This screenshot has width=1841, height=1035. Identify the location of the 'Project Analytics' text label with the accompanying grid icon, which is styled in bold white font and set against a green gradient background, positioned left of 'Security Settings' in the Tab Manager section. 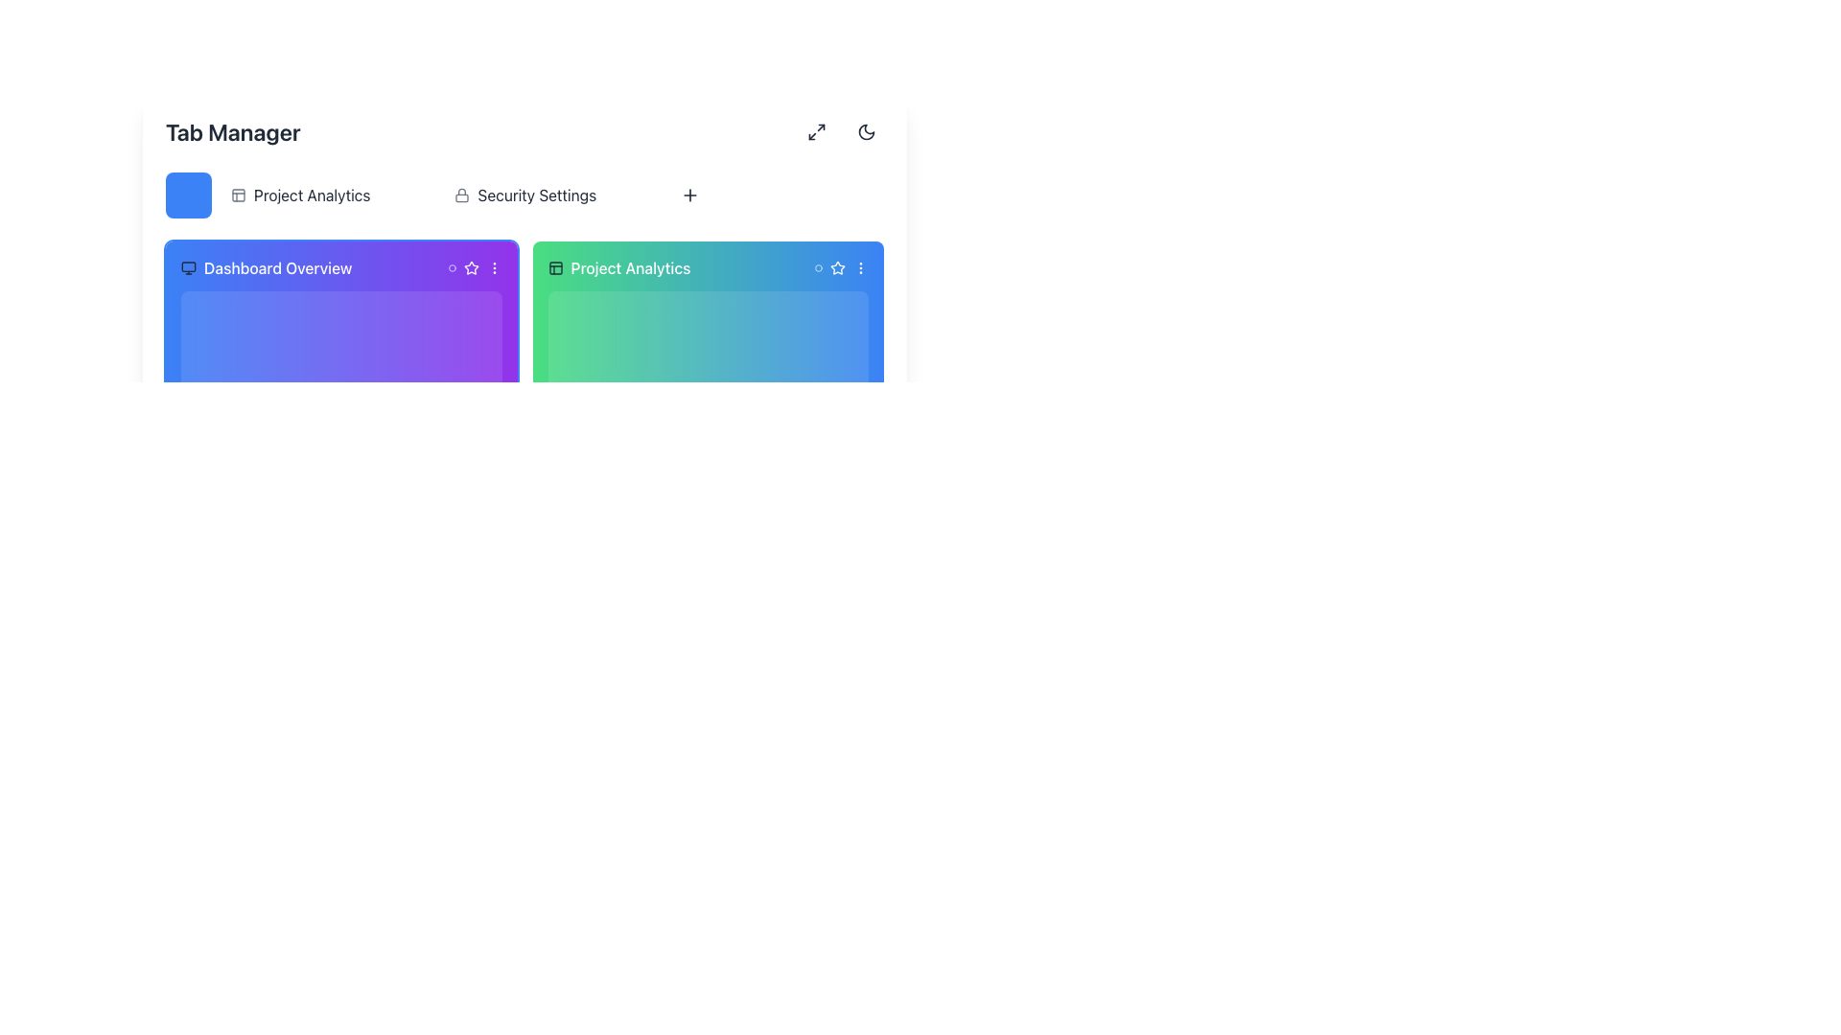
(618, 268).